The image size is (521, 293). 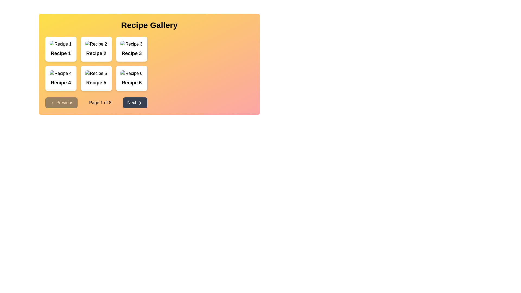 What do you see at coordinates (132, 44) in the screenshot?
I see `the image placeholder labeled 'Recipe Image'` at bounding box center [132, 44].